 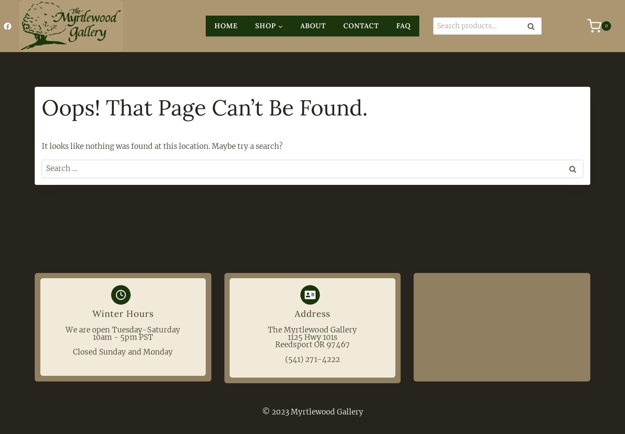 What do you see at coordinates (606, 25) in the screenshot?
I see `'0'` at bounding box center [606, 25].